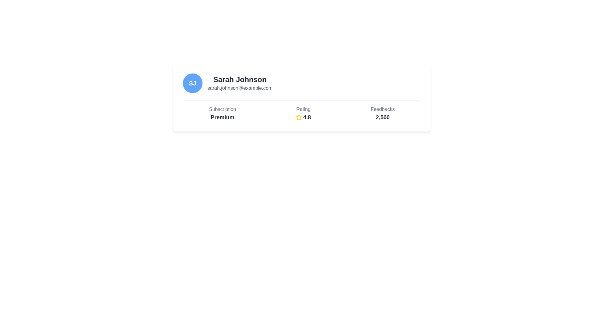 The height and width of the screenshot is (332, 590). I want to click on the text label that represents the user's rating, positioned to the right of the star icon in the 'Rating' section of the user information card, so click(307, 117).